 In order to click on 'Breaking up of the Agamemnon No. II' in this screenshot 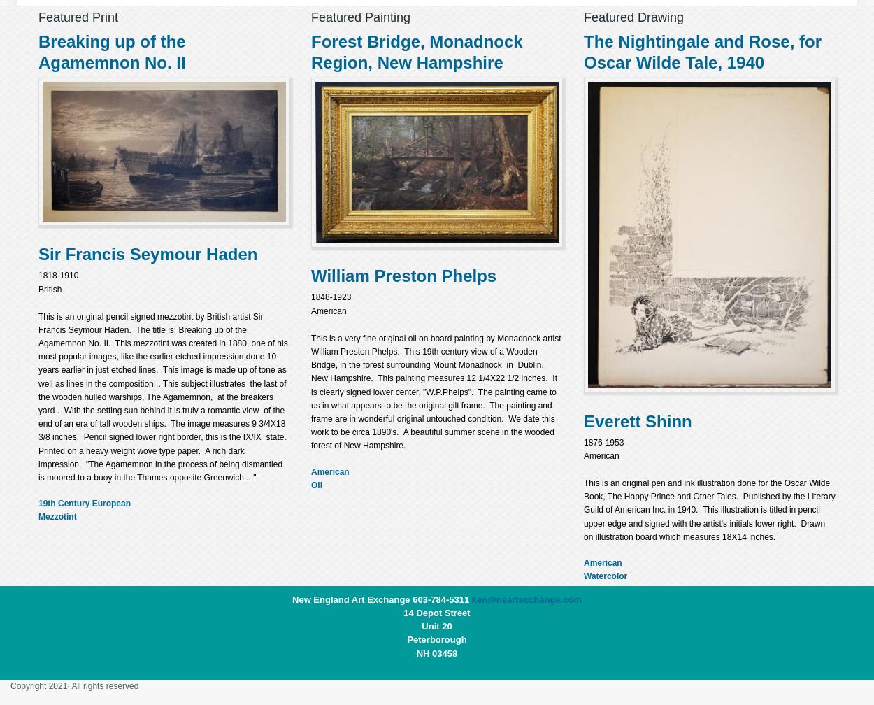, I will do `click(112, 52)`.